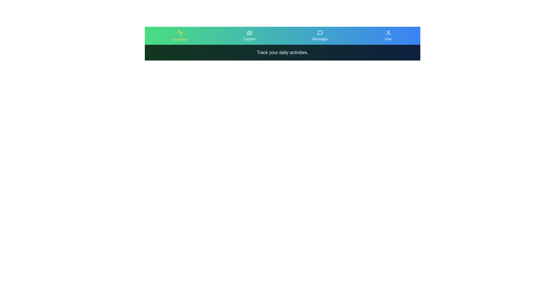  Describe the element at coordinates (180, 36) in the screenshot. I see `the Activities tab to view its content` at that location.